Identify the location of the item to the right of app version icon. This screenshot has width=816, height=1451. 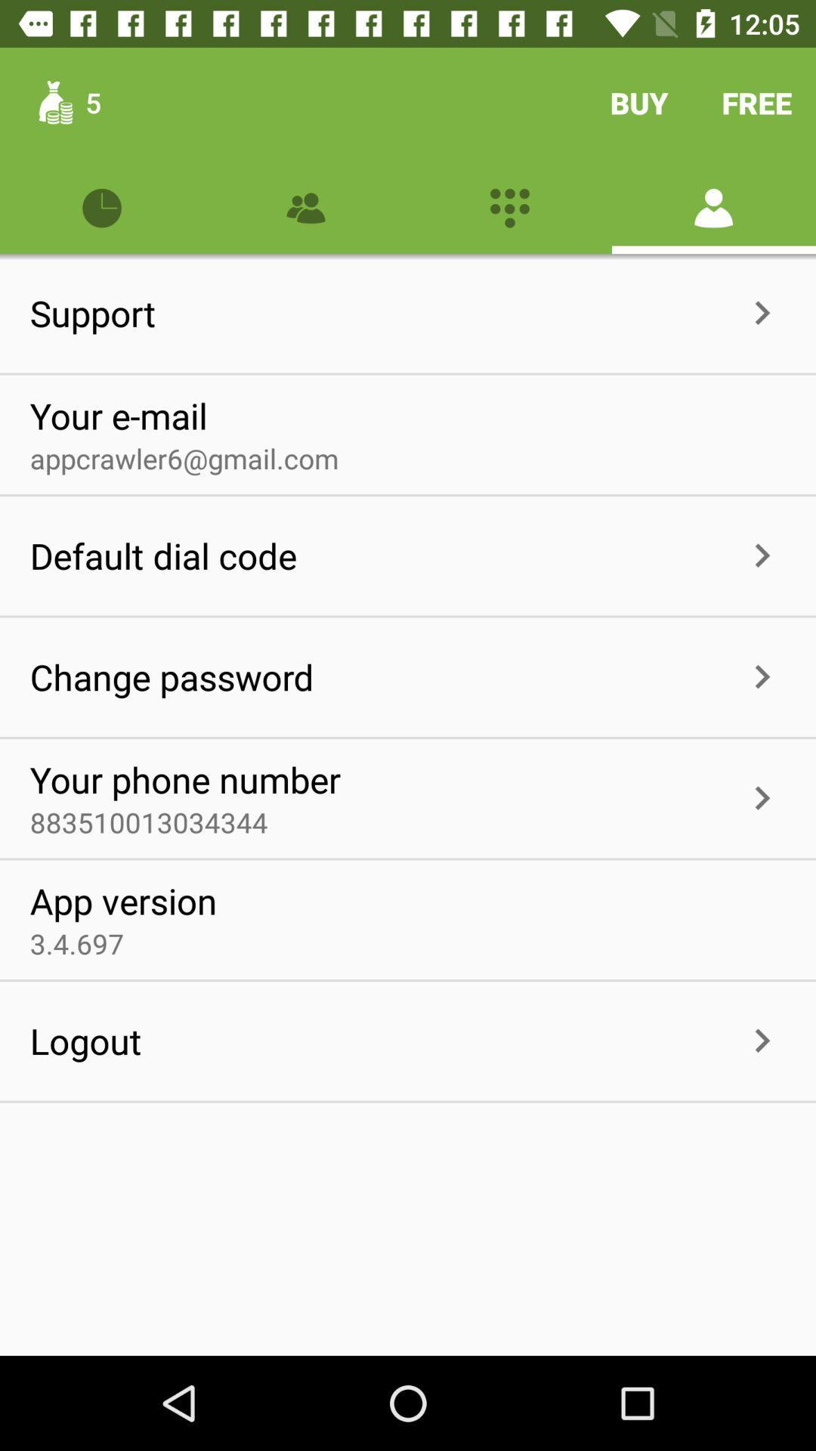
(501, 919).